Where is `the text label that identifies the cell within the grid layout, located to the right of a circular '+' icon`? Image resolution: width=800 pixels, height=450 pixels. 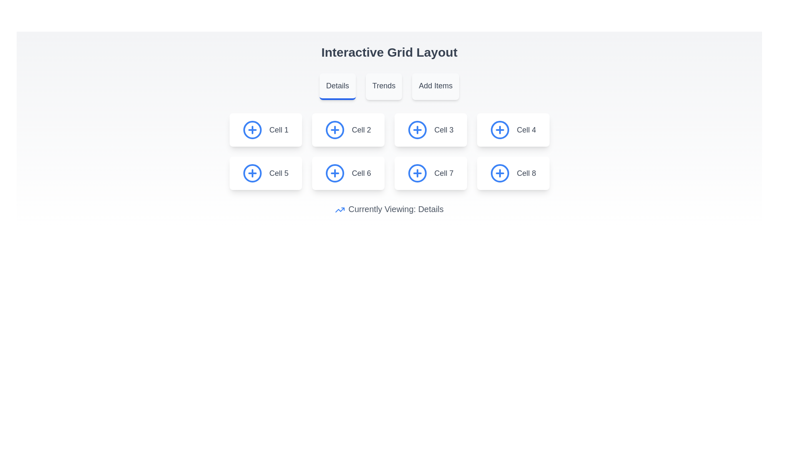 the text label that identifies the cell within the grid layout, located to the right of a circular '+' icon is located at coordinates (279, 130).